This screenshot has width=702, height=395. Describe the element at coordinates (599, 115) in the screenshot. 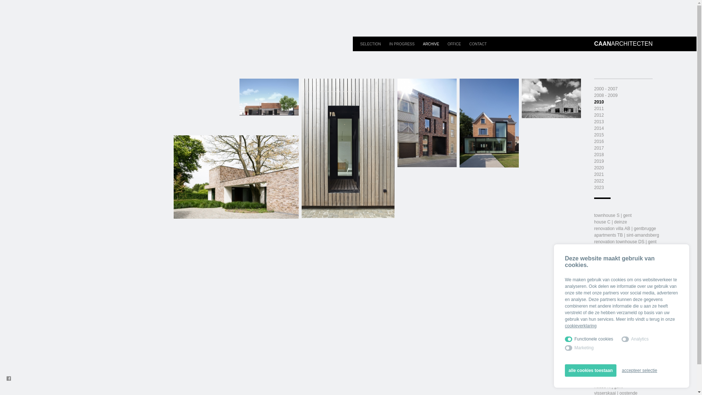

I see `'2012'` at that location.